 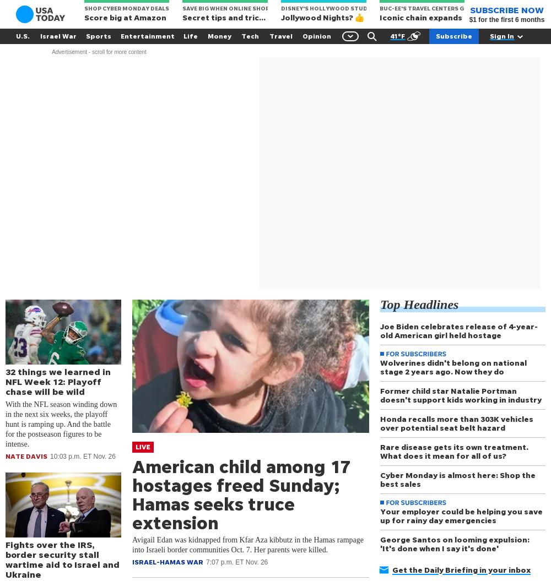 What do you see at coordinates (458, 330) in the screenshot?
I see `'Joe Biden celebrates release of 4-year-old American girl held hostage'` at bounding box center [458, 330].